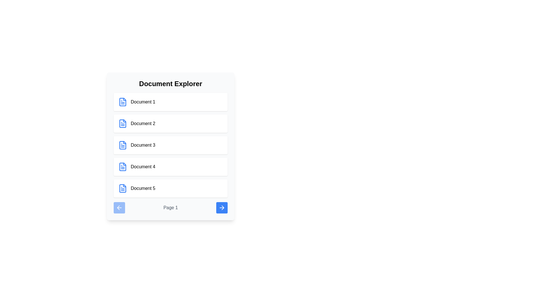 The width and height of the screenshot is (547, 307). What do you see at coordinates (221, 208) in the screenshot?
I see `the navigation button located in the bottom-right corner of the interface` at bounding box center [221, 208].